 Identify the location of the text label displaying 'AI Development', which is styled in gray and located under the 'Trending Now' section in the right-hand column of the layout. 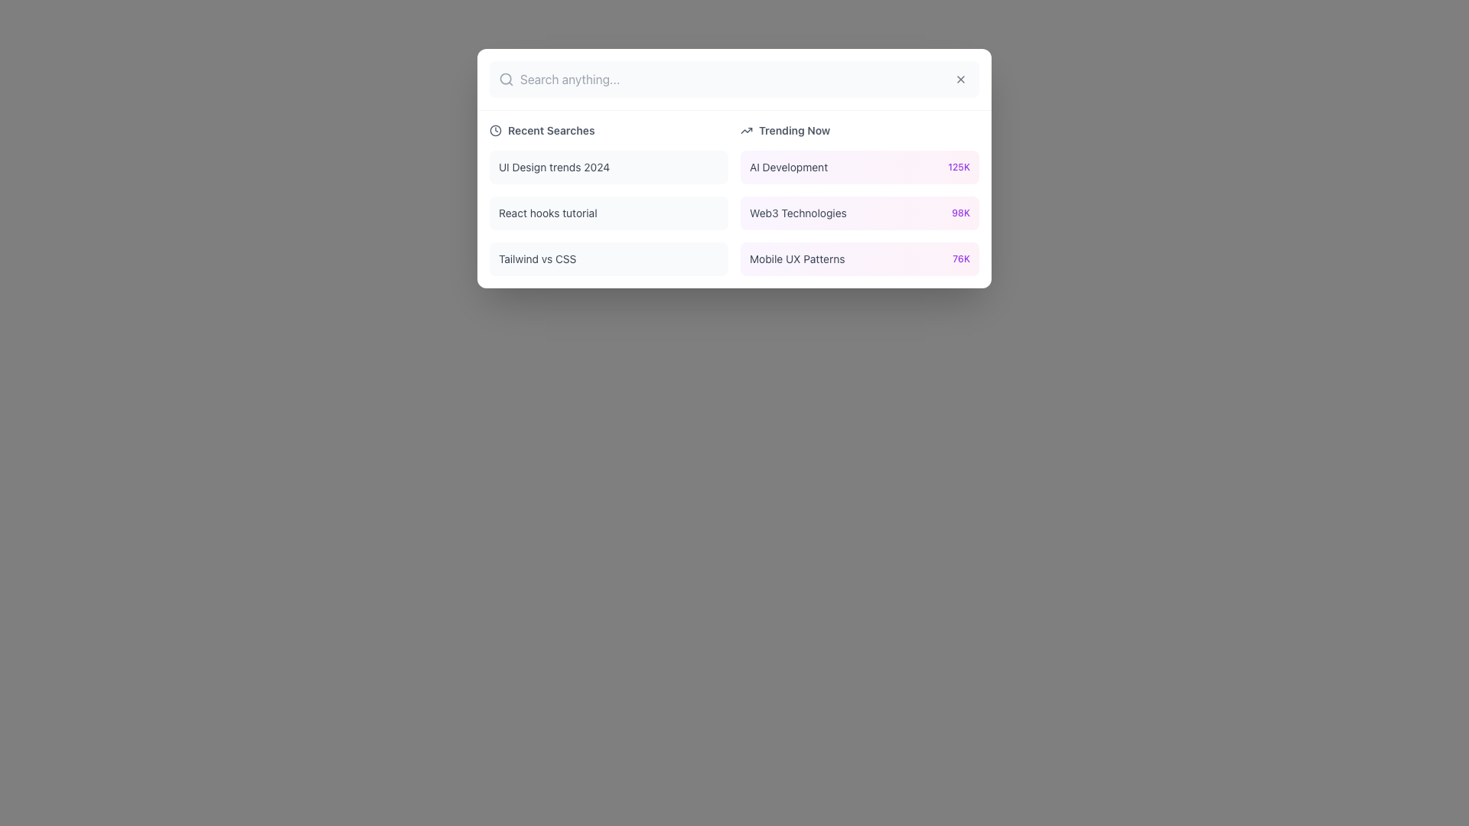
(789, 167).